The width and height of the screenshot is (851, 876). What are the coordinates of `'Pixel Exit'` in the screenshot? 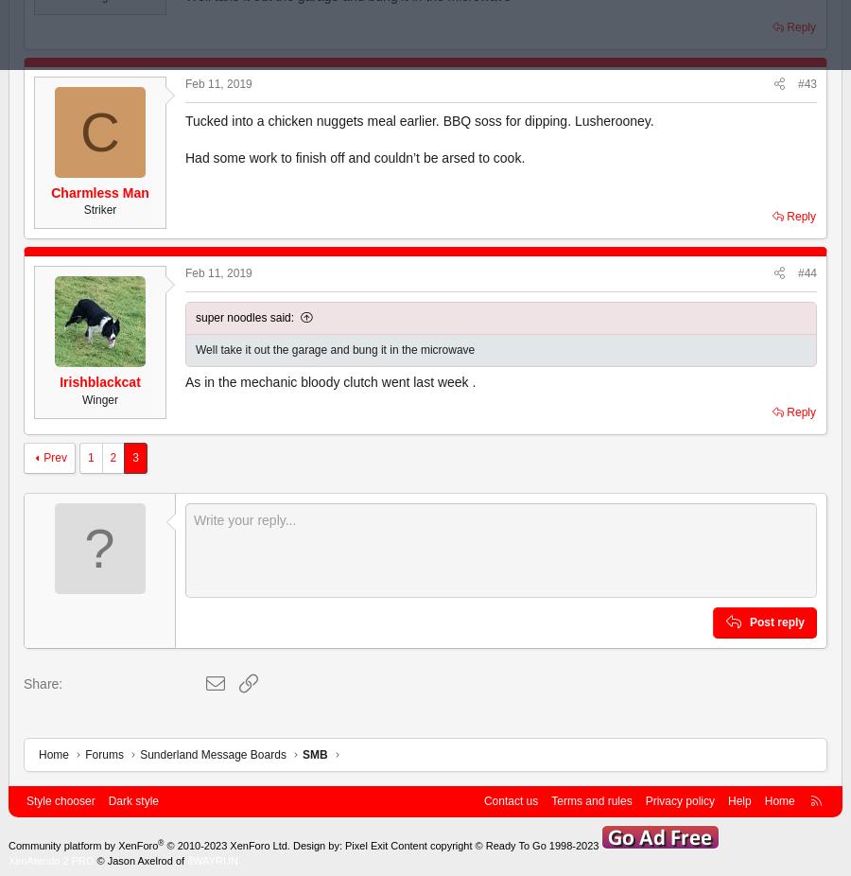 It's located at (366, 845).